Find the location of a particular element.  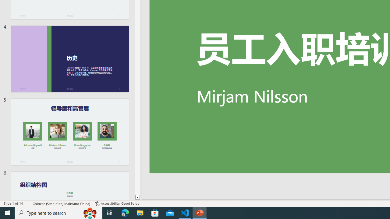

'Microsoft Store' is located at coordinates (155, 212).